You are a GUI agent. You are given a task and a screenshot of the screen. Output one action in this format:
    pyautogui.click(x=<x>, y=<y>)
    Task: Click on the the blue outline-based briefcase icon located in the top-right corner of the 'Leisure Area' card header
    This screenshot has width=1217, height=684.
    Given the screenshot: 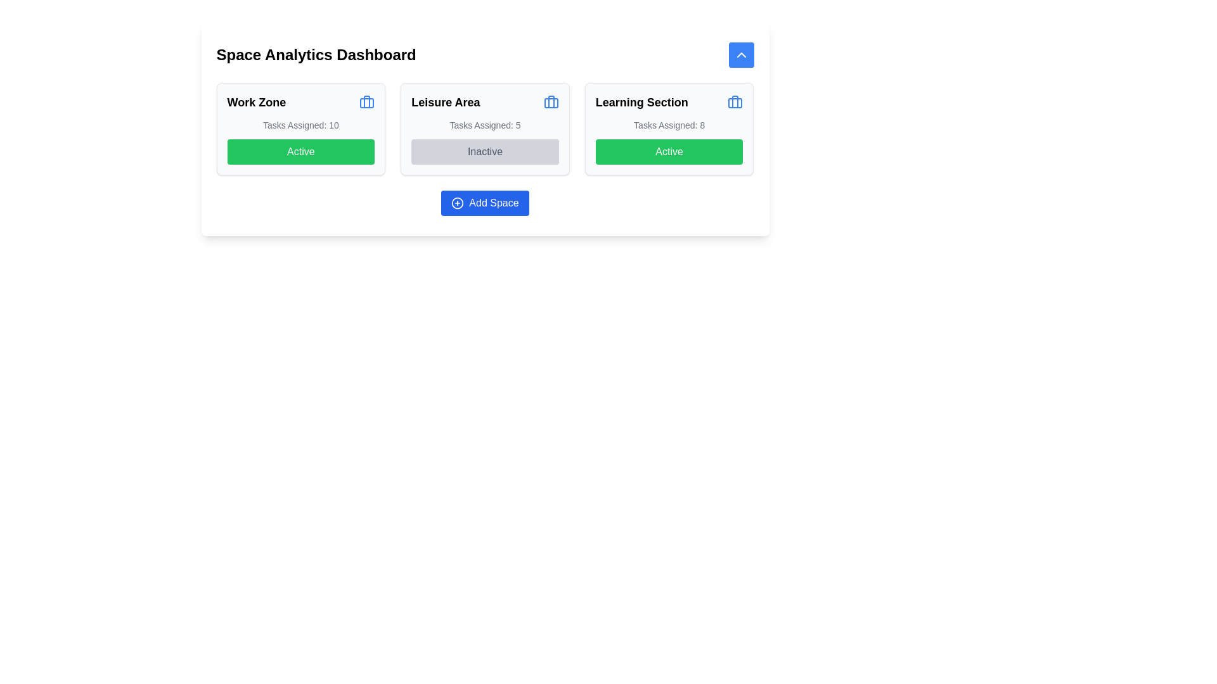 What is the action you would take?
    pyautogui.click(x=551, y=102)
    